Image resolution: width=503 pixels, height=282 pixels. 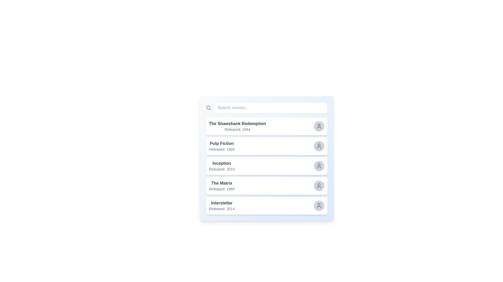 What do you see at coordinates (319, 126) in the screenshot?
I see `the circular user icon with a grey outline located to the far right of the item row labeled 'The Shawshank Redemption' to initiate an action` at bounding box center [319, 126].